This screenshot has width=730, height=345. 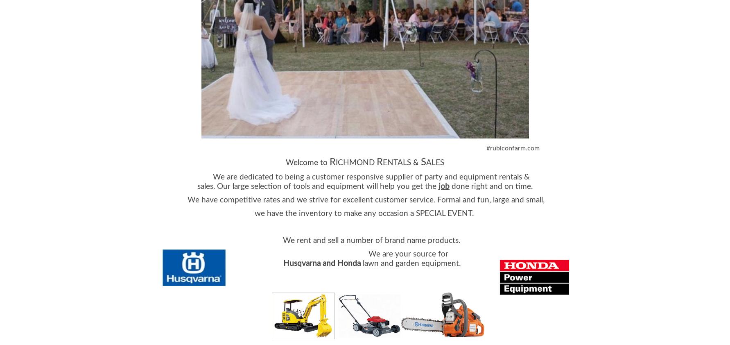 I want to click on 'source for', so click(x=430, y=253).